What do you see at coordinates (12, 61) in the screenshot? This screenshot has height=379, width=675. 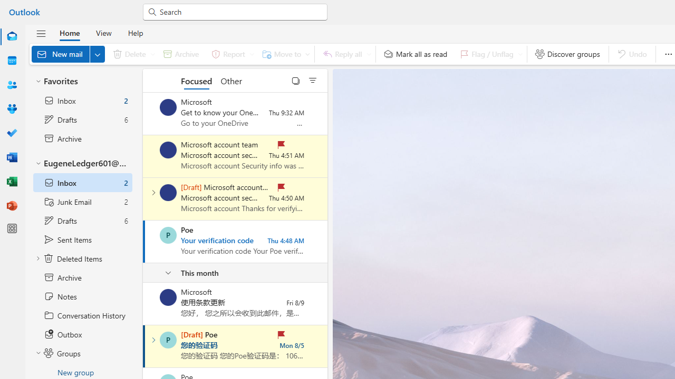 I see `'Calendar'` at bounding box center [12, 61].